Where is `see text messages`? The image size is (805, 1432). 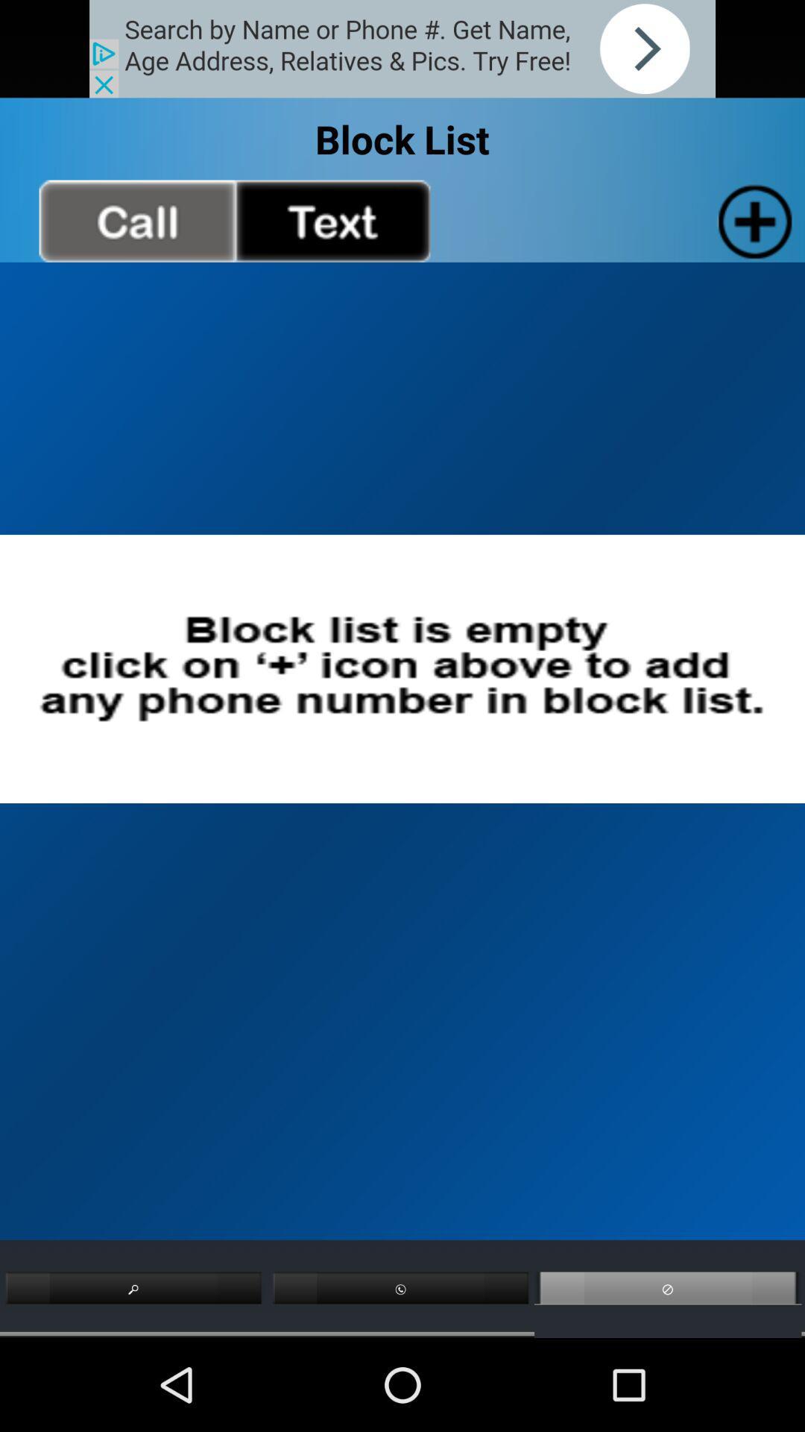 see text messages is located at coordinates (332, 220).